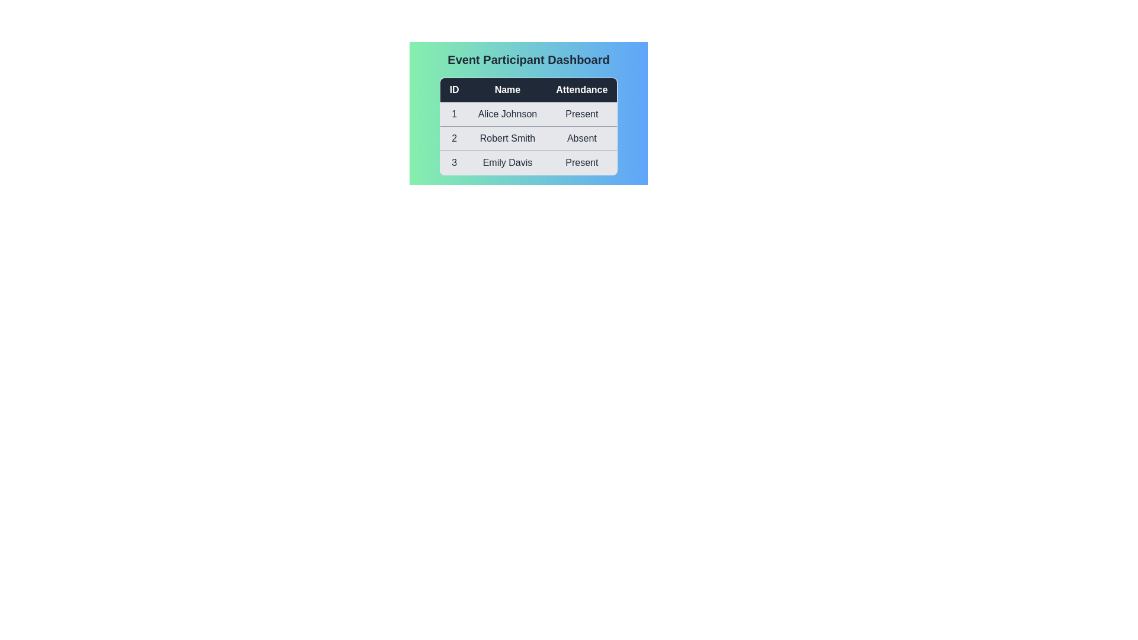 The width and height of the screenshot is (1138, 640). I want to click on the static text label indicating that Emily Davis is marked as present in the attendance column of the table, so click(582, 162).